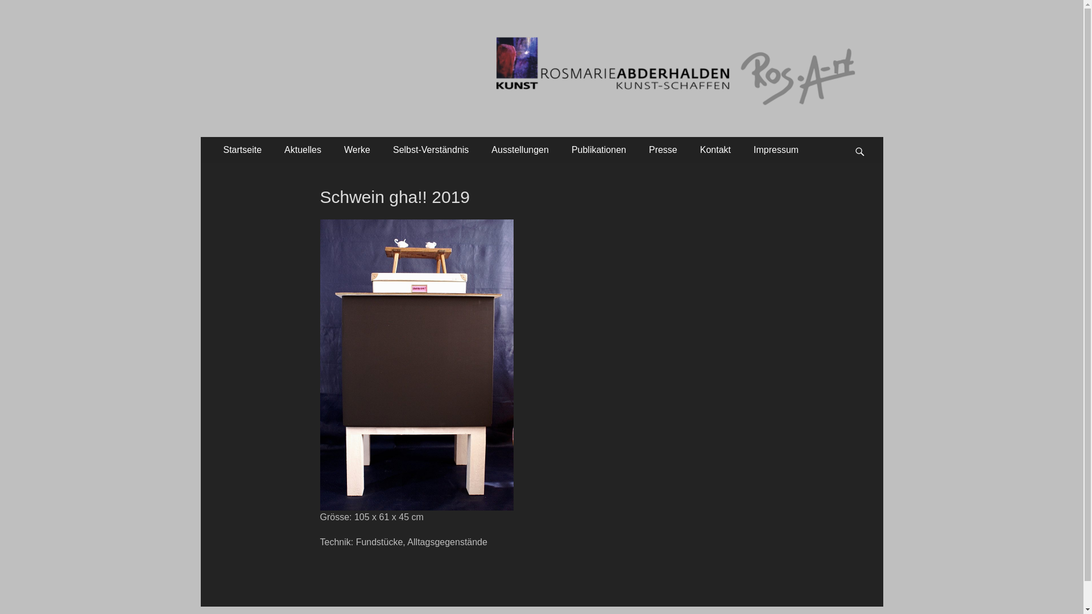 This screenshot has height=614, width=1092. What do you see at coordinates (714, 149) in the screenshot?
I see `'Kontakt'` at bounding box center [714, 149].